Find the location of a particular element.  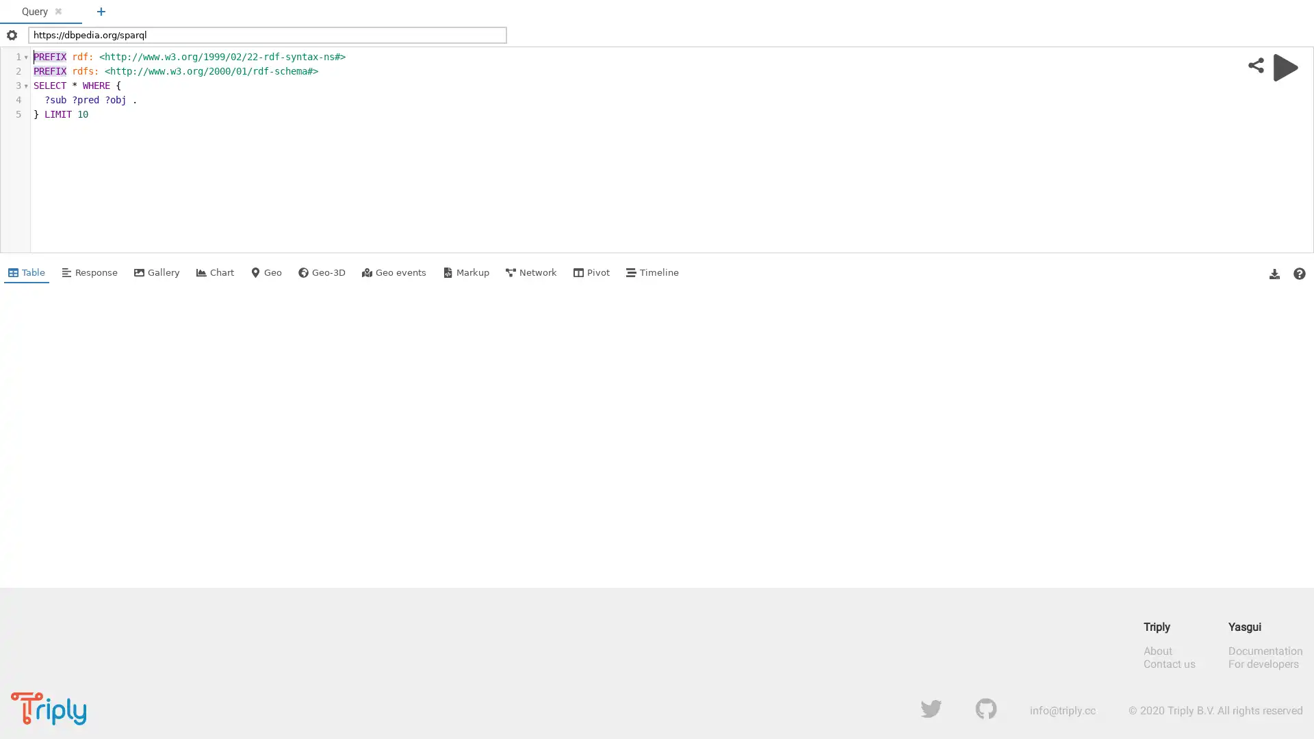

Shows Chart view is located at coordinates (214, 273).